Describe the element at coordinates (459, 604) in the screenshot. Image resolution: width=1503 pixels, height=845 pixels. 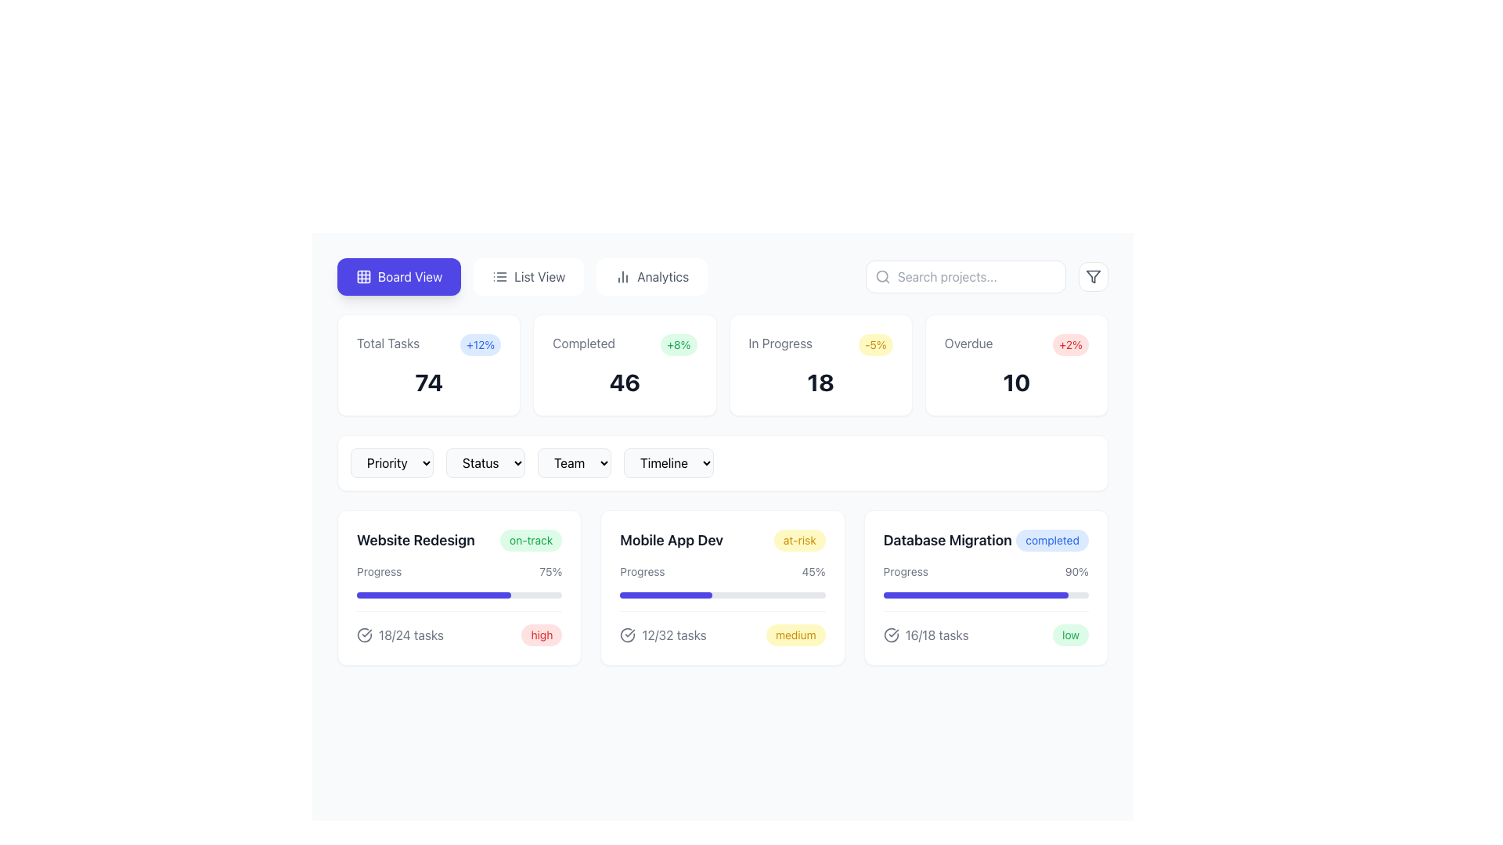
I see `the progress indication of the Progress bar located in the middle of the 'Website Redesign' panel, which shows a 75% completion rate represented by a blue bar` at that location.